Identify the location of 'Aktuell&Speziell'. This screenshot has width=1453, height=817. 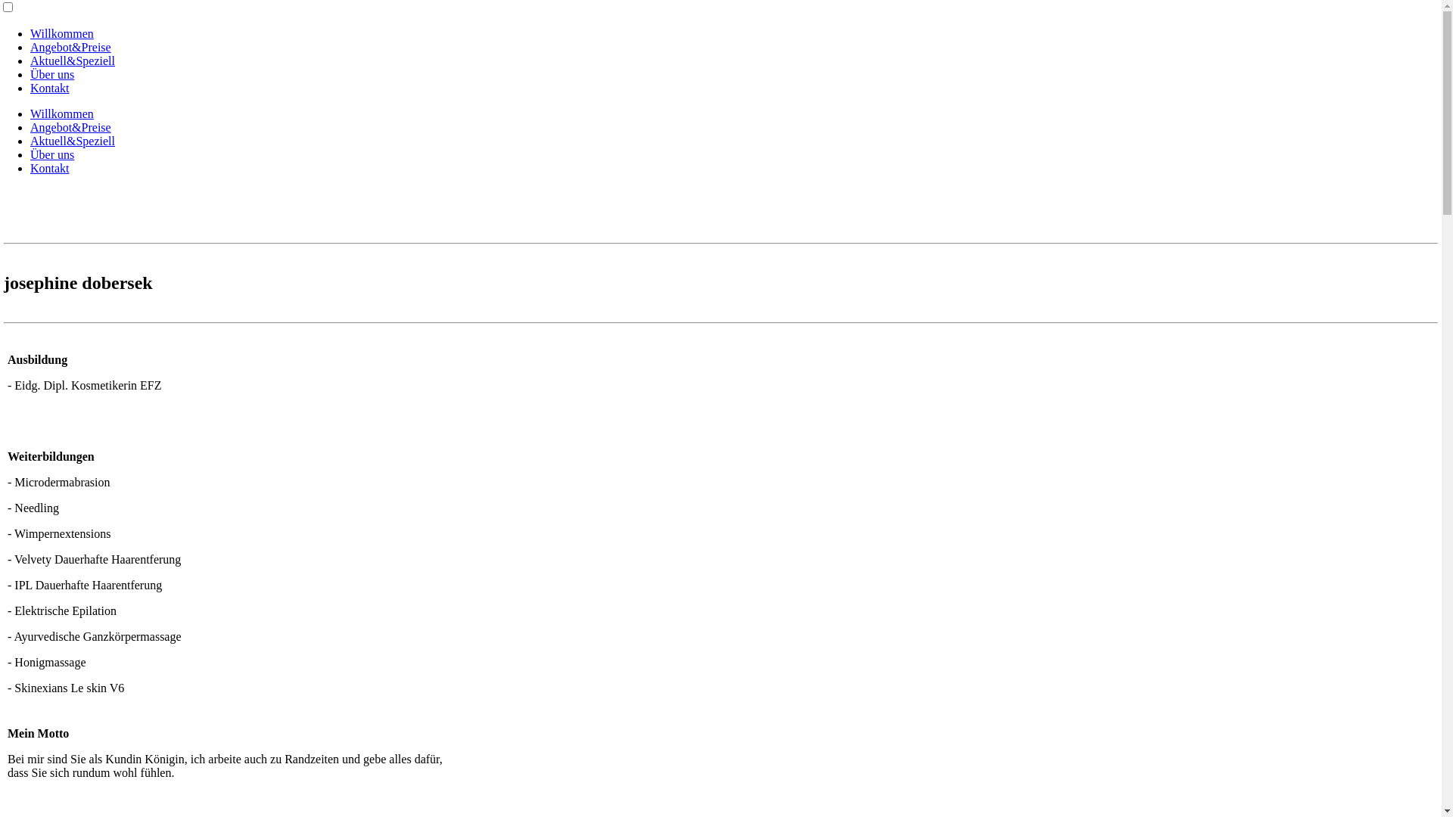
(72, 141).